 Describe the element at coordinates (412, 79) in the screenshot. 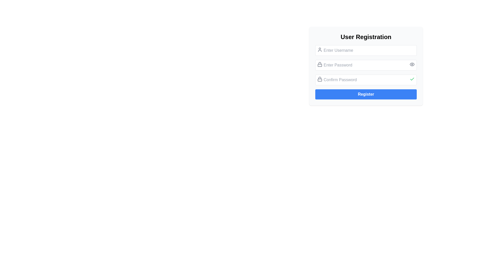

I see `the success confirmation icon located at the top-right corner of the 'Confirm Password' input field in the user registration card interface` at that location.